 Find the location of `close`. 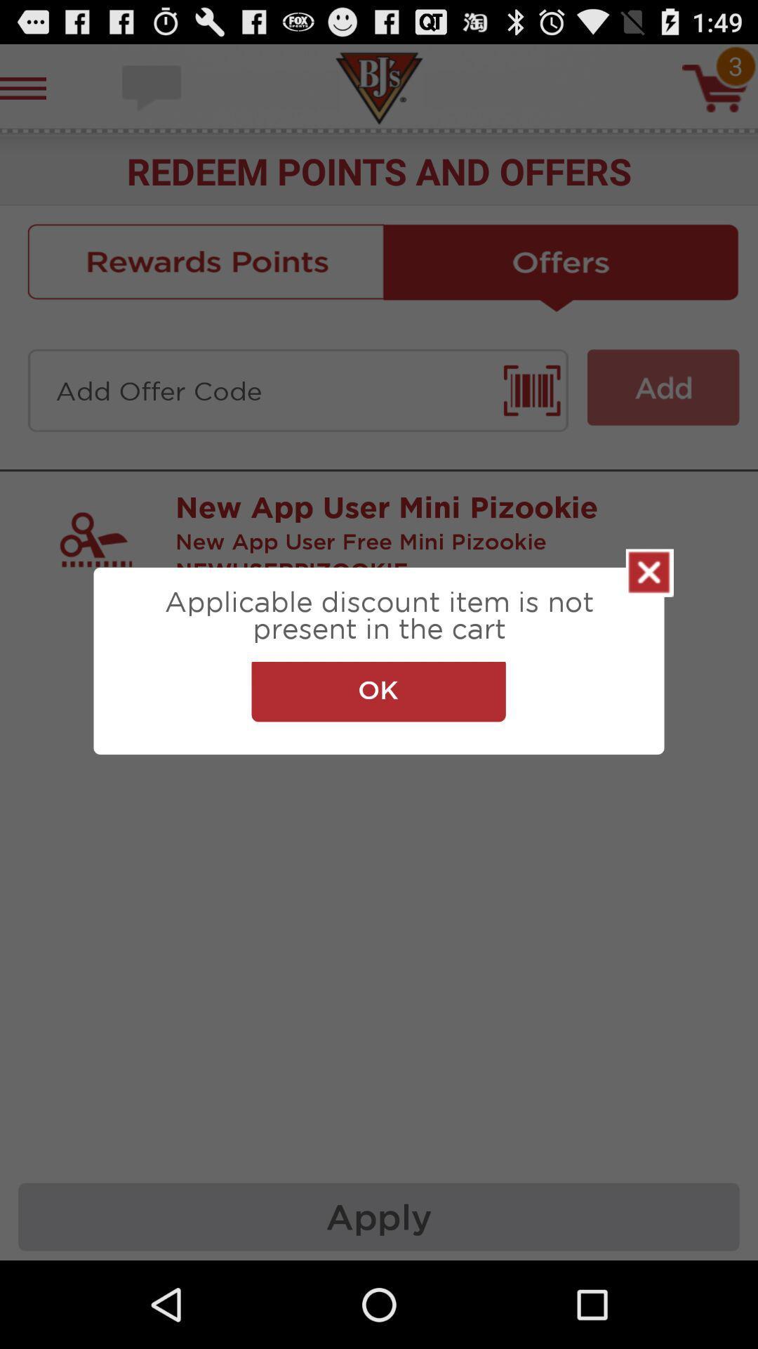

close is located at coordinates (649, 573).